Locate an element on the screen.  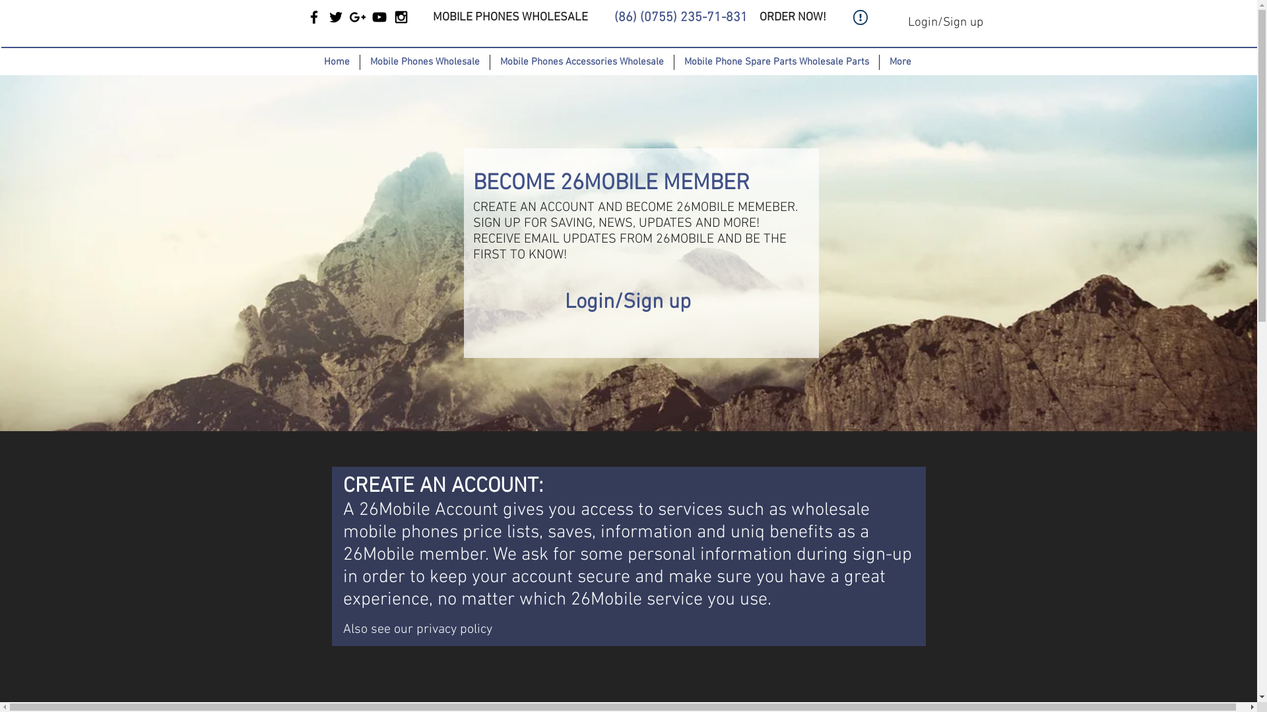
'Home' is located at coordinates (337, 62).